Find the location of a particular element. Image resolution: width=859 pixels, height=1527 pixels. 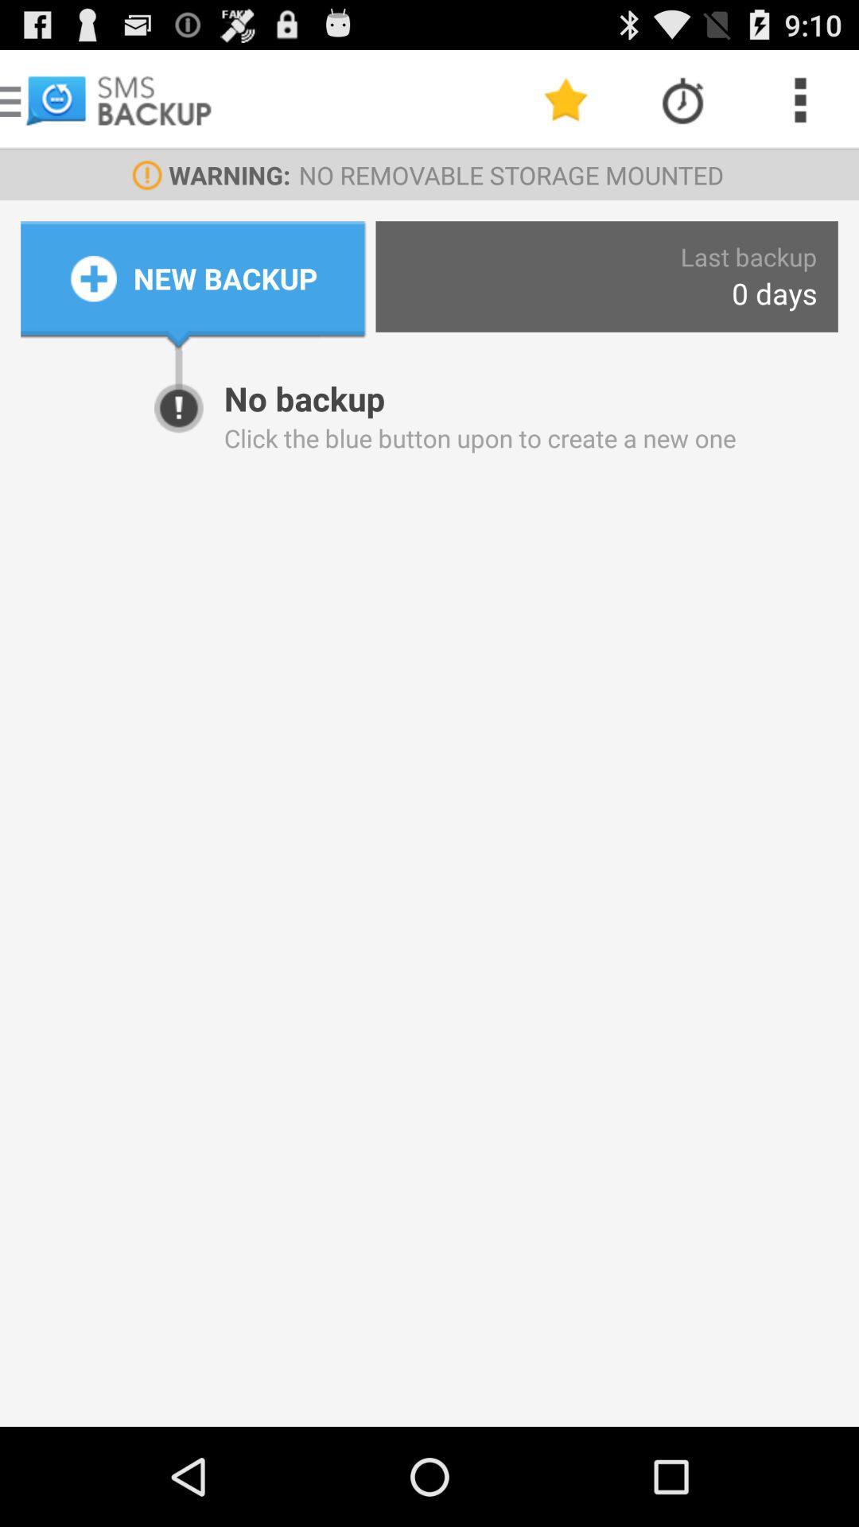

the app next to no backup item is located at coordinates (178, 362).